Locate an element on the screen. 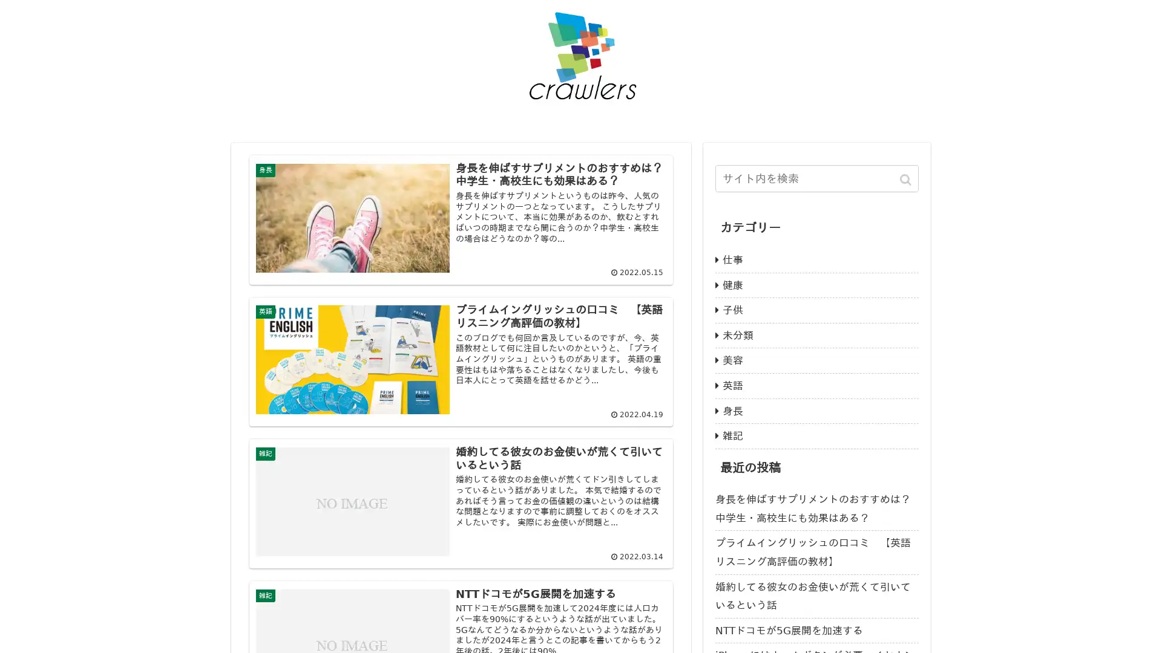  button is located at coordinates (907, 180).